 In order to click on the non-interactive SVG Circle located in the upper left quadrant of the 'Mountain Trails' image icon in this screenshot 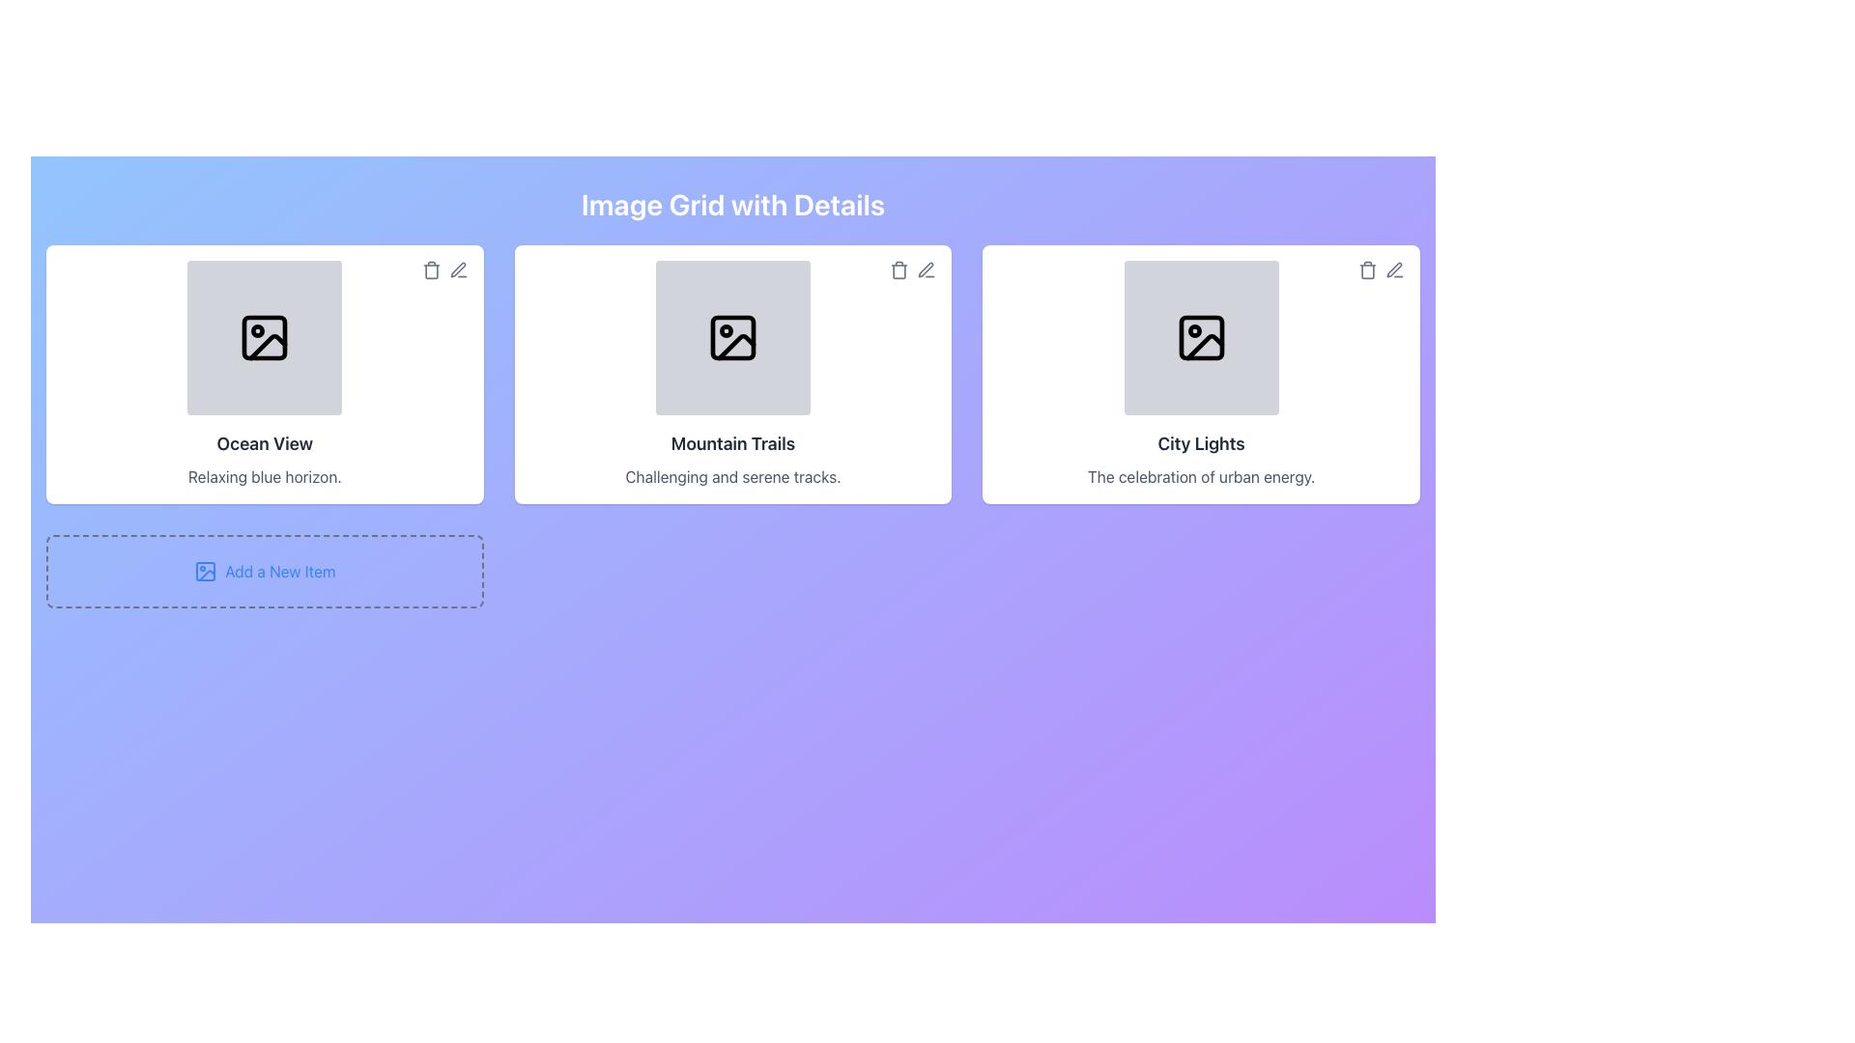, I will do `click(726, 330)`.